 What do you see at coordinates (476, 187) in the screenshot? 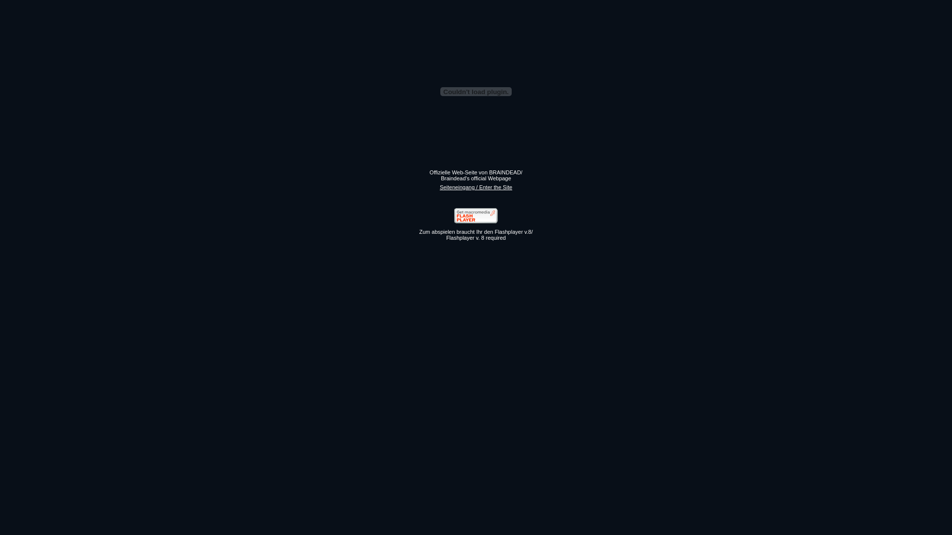
I see `'Seiteneingang / Enter the Site'` at bounding box center [476, 187].